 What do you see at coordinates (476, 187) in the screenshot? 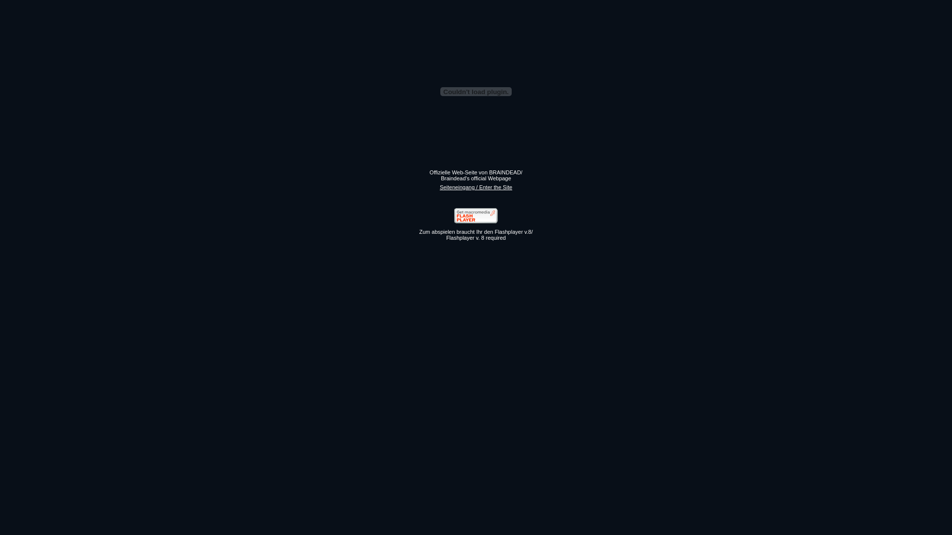
I see `'Seiteneingang / Enter the Site'` at bounding box center [476, 187].